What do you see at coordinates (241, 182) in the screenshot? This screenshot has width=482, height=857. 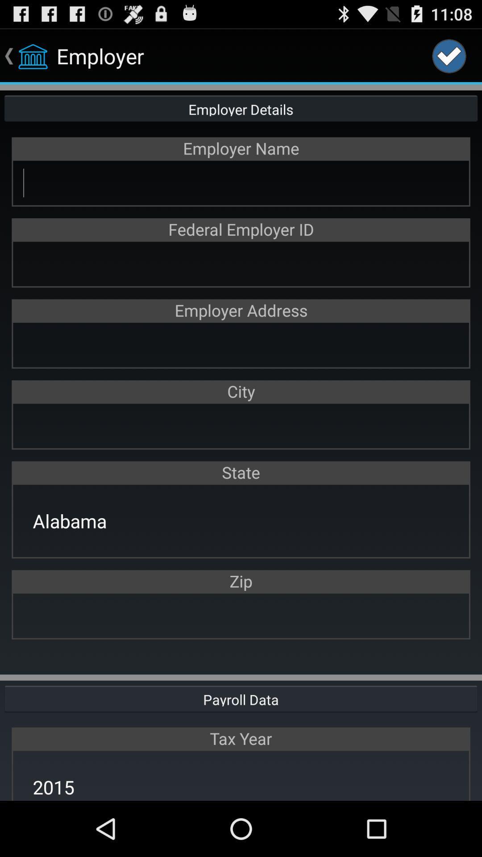 I see `employer 's name` at bounding box center [241, 182].